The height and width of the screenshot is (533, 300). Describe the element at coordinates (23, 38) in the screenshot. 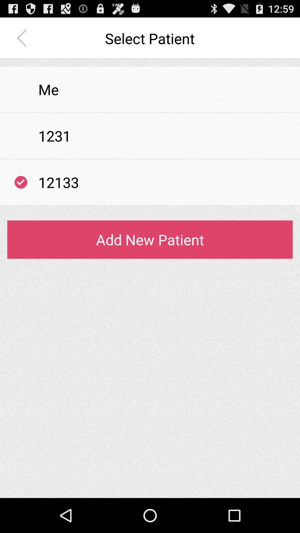

I see `the app next to the select patient` at that location.